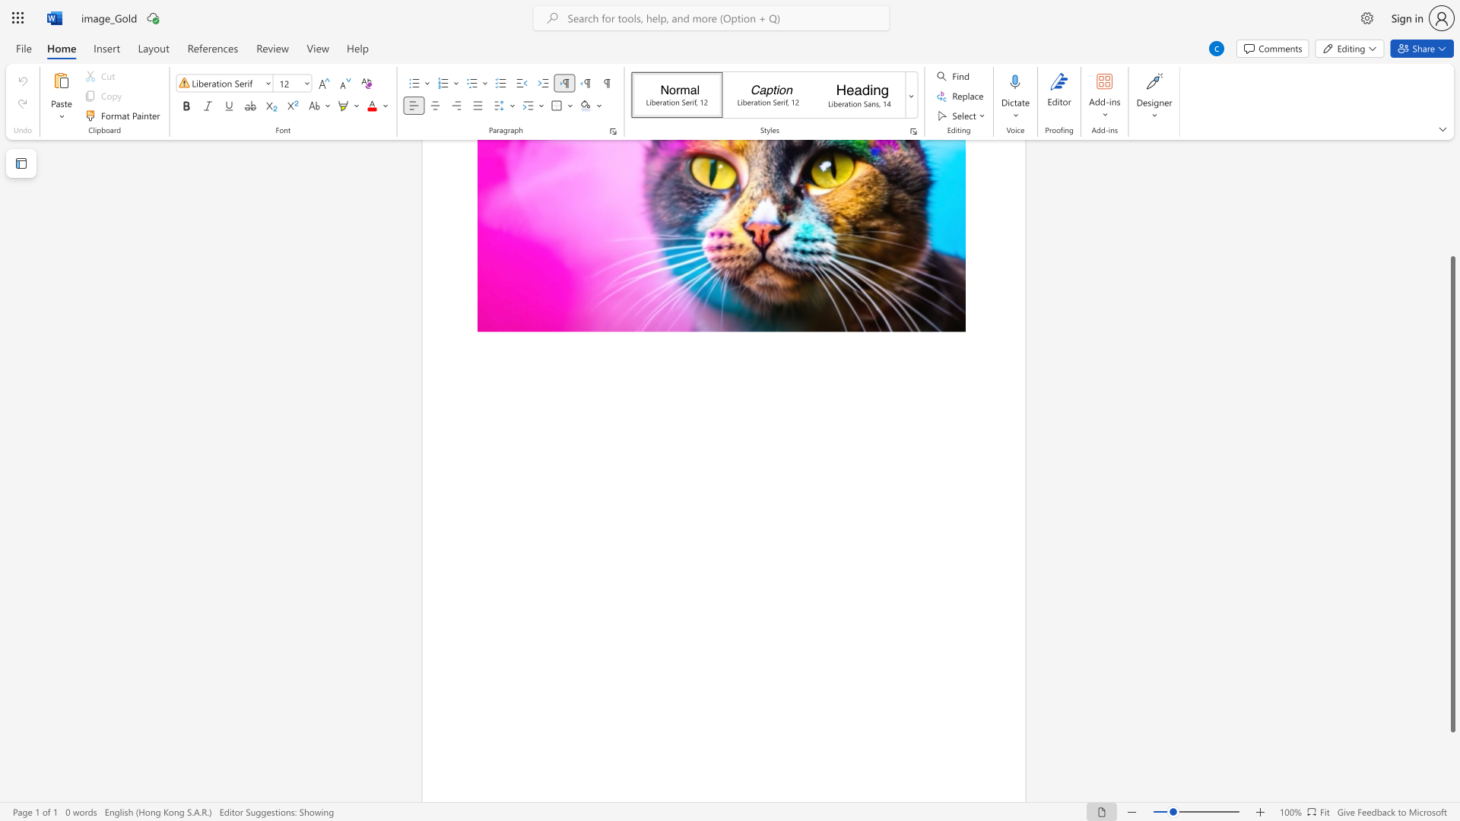 The image size is (1460, 821). Describe the element at coordinates (1452, 235) in the screenshot. I see `the scrollbar on the side` at that location.